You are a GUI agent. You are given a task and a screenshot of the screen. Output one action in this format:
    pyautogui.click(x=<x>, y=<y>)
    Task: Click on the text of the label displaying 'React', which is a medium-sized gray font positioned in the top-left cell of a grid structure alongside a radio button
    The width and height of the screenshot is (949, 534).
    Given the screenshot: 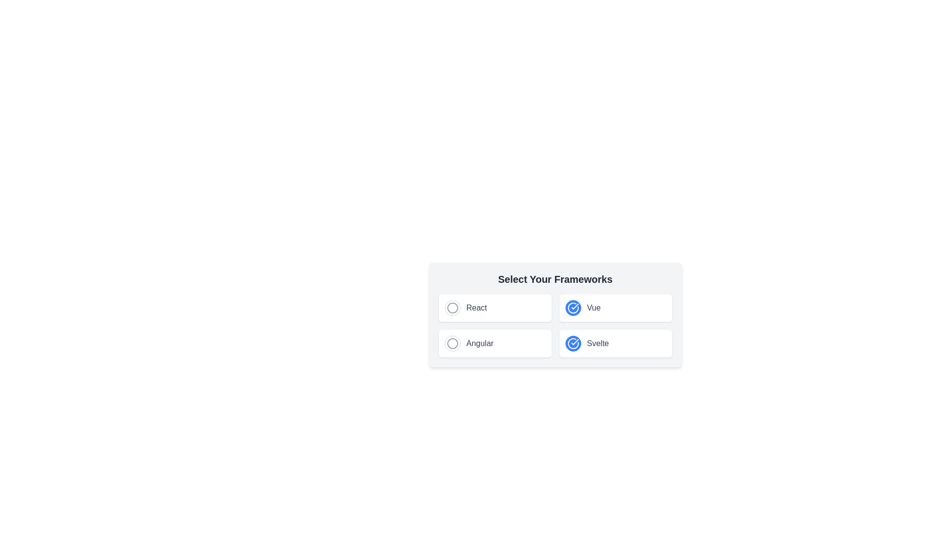 What is the action you would take?
    pyautogui.click(x=476, y=308)
    